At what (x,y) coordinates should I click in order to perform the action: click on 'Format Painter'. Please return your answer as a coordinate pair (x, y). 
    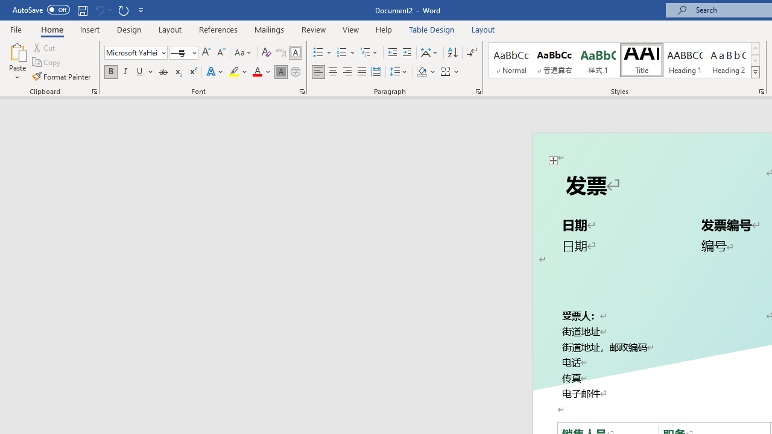
    Looking at the image, I should click on (62, 77).